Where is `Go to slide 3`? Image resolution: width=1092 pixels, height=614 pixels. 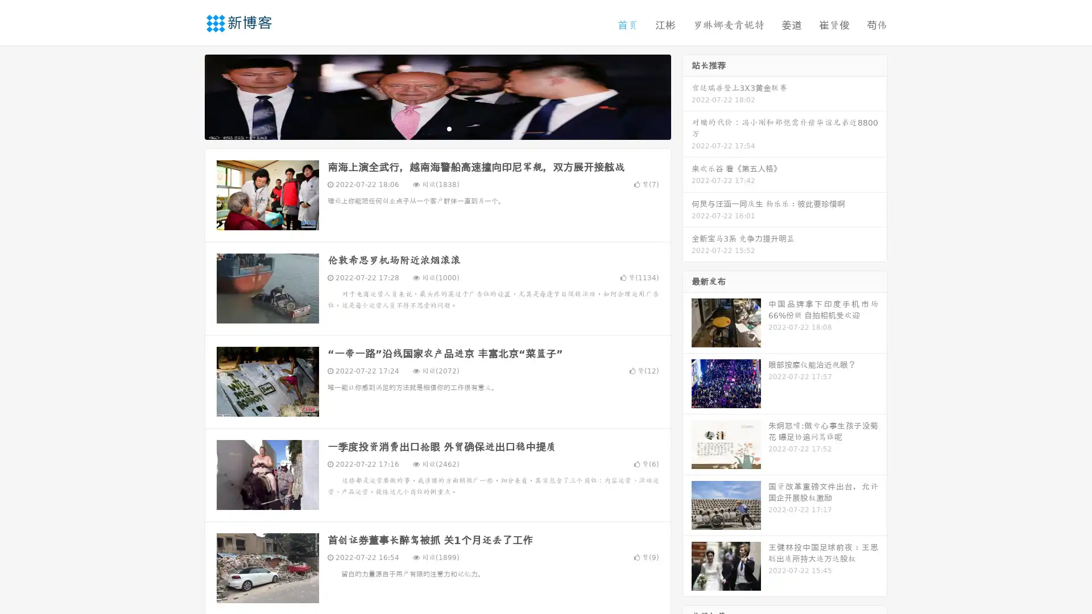 Go to slide 3 is located at coordinates (449, 128).